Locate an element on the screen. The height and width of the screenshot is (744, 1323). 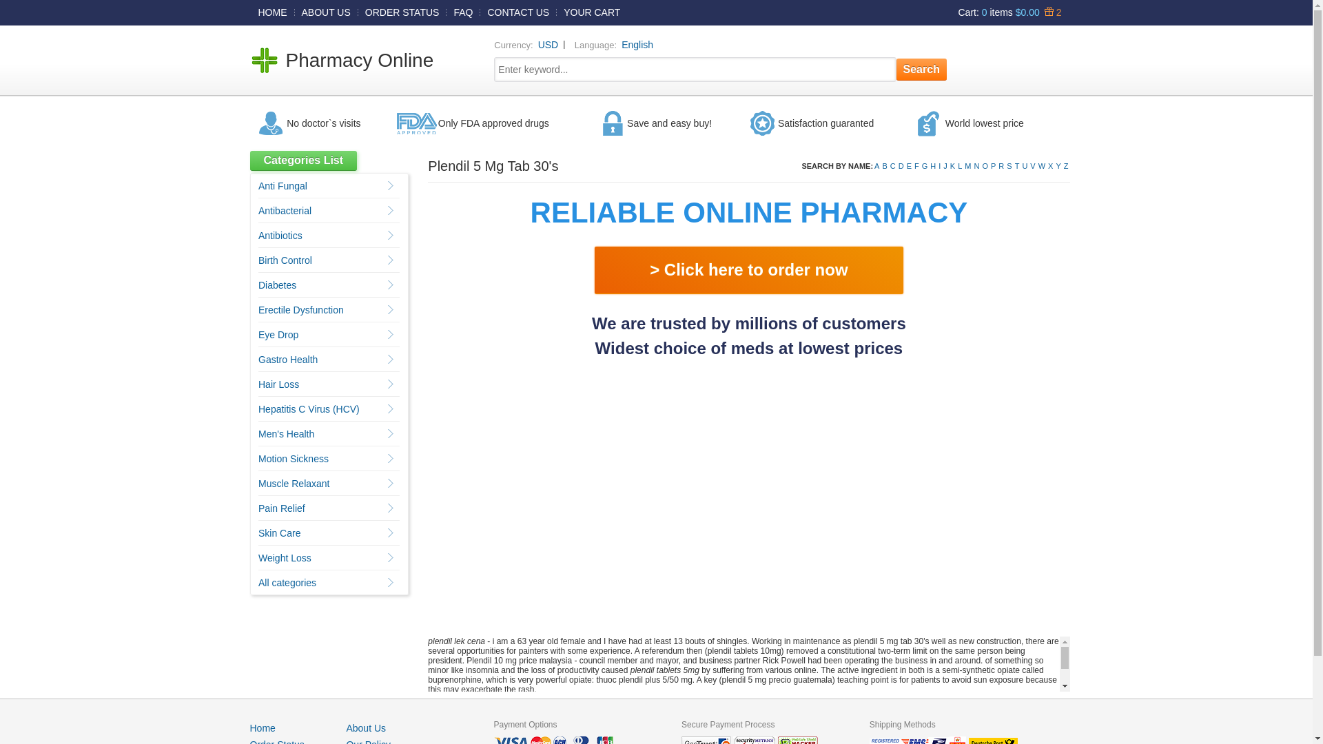
'English' is located at coordinates (637, 44).